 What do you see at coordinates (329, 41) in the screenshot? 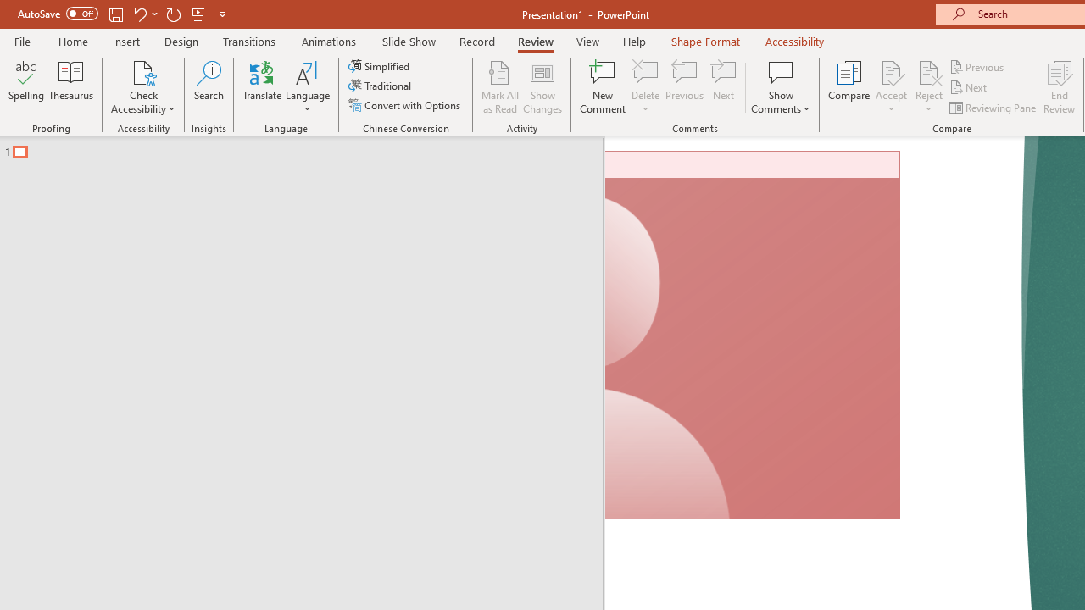
I see `'Animations'` at bounding box center [329, 41].